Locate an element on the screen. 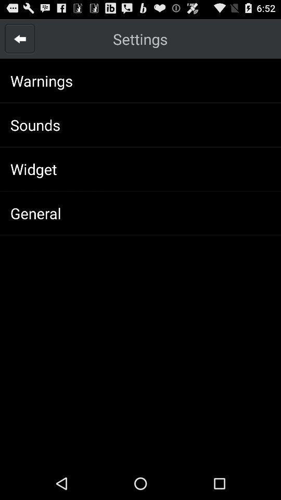  the item below sounds is located at coordinates (33, 169).